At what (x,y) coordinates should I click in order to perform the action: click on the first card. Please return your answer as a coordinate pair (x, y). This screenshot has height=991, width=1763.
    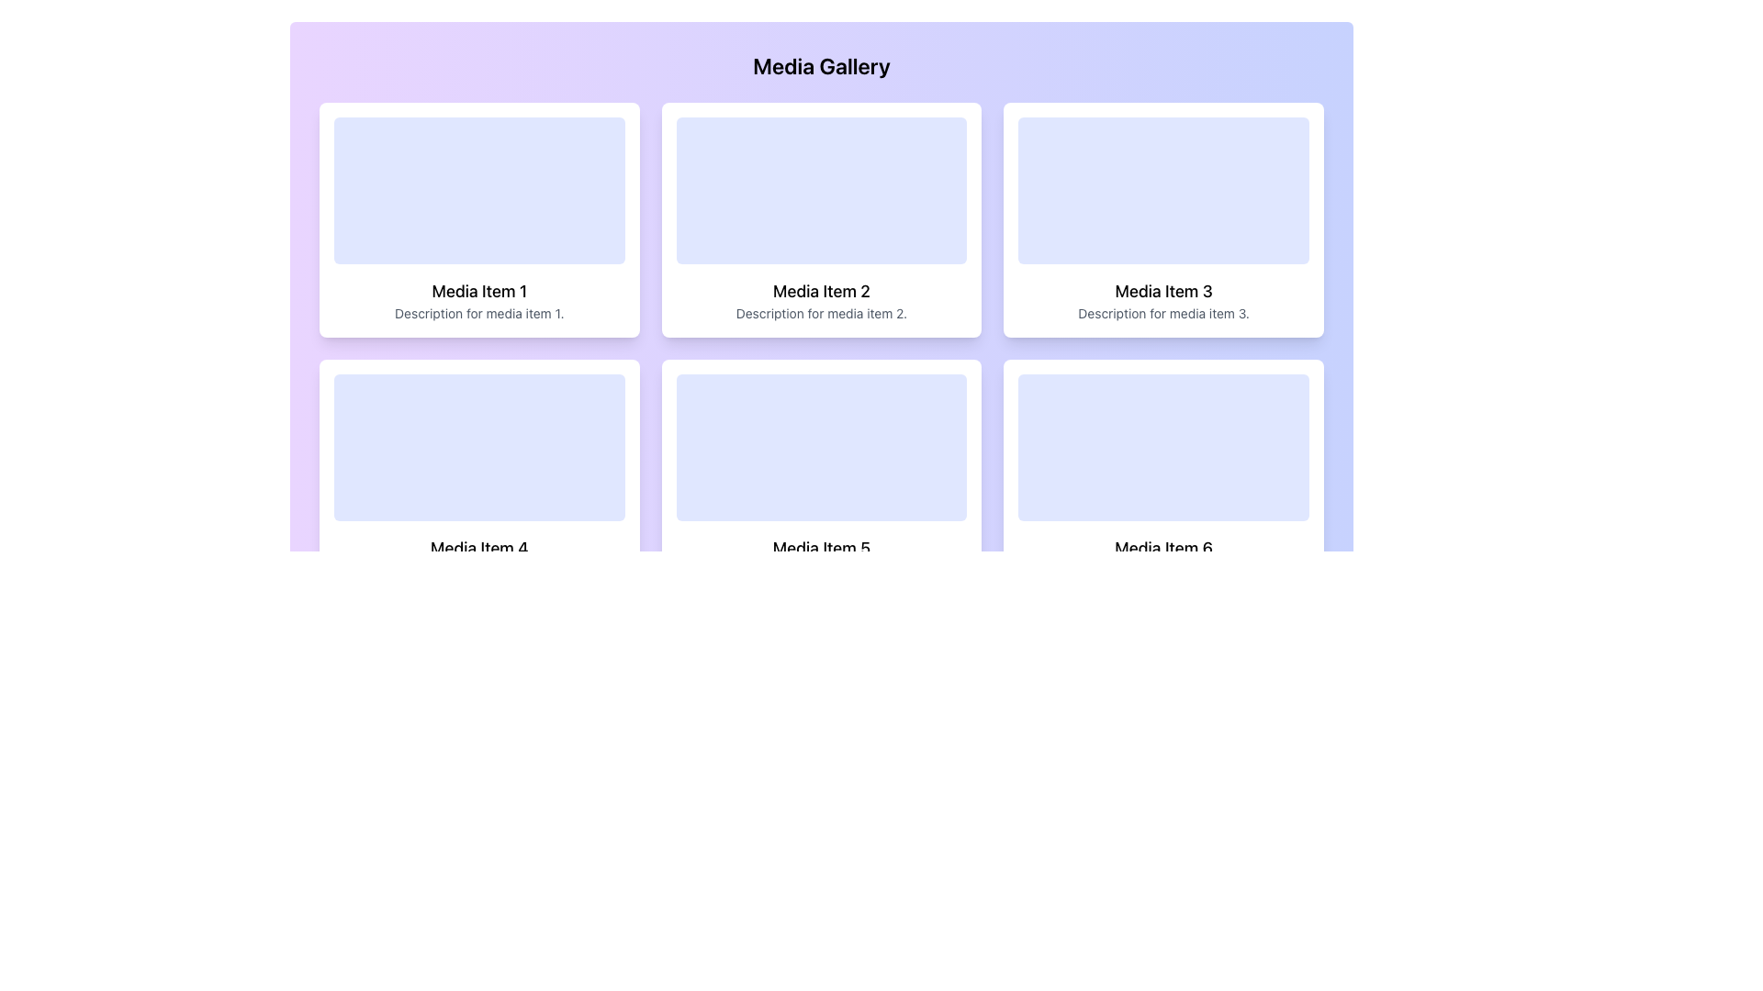
    Looking at the image, I should click on (479, 218).